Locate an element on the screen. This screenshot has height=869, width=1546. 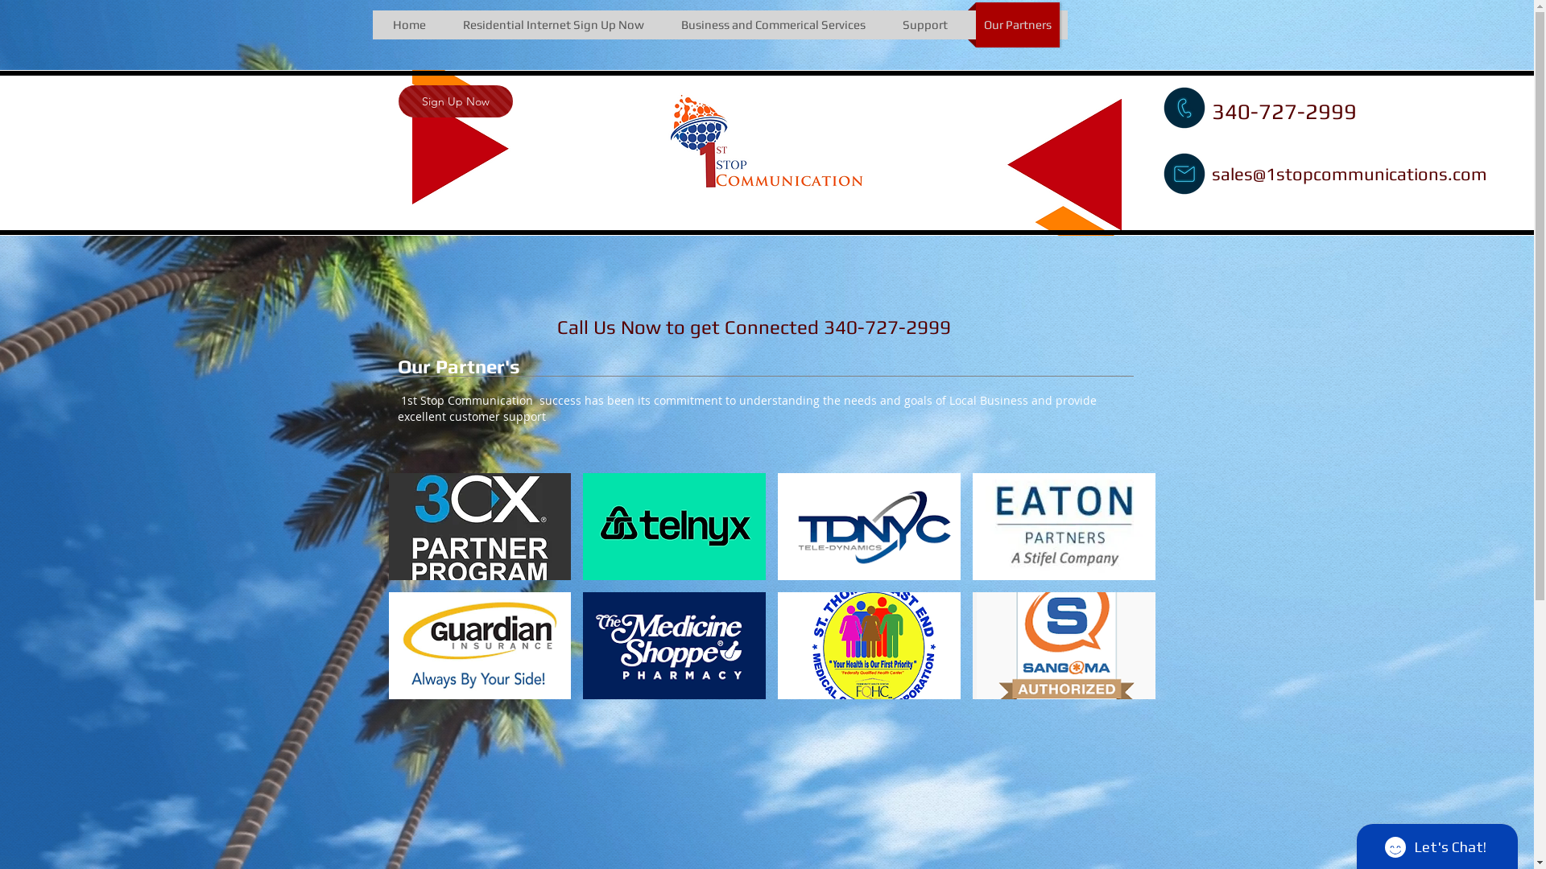
'Business and Commerical Services' is located at coordinates (664, 24).